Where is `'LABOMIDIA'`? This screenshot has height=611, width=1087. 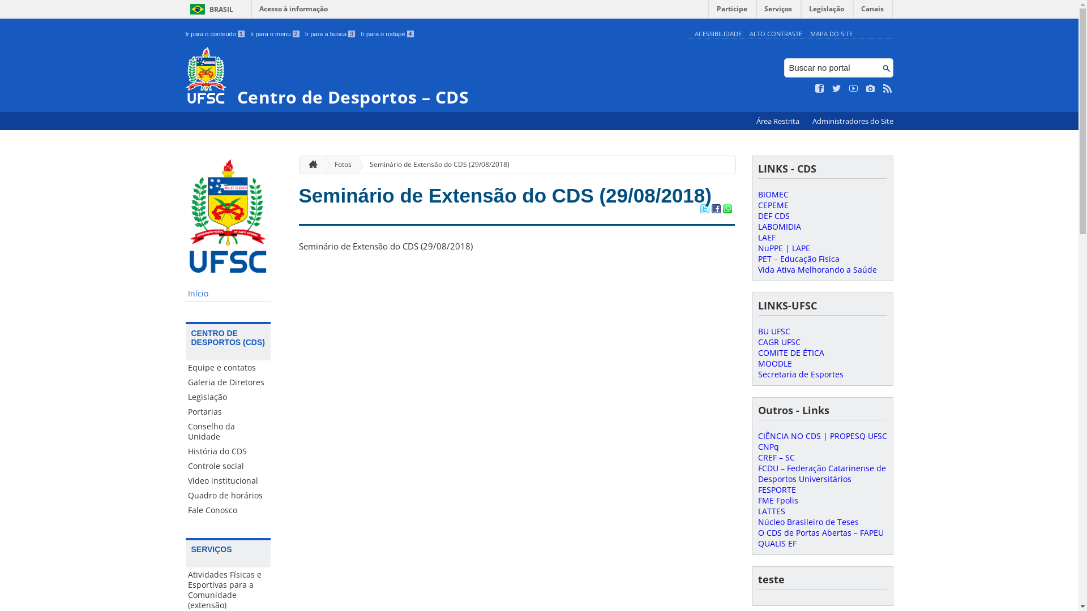 'LABOMIDIA' is located at coordinates (778, 226).